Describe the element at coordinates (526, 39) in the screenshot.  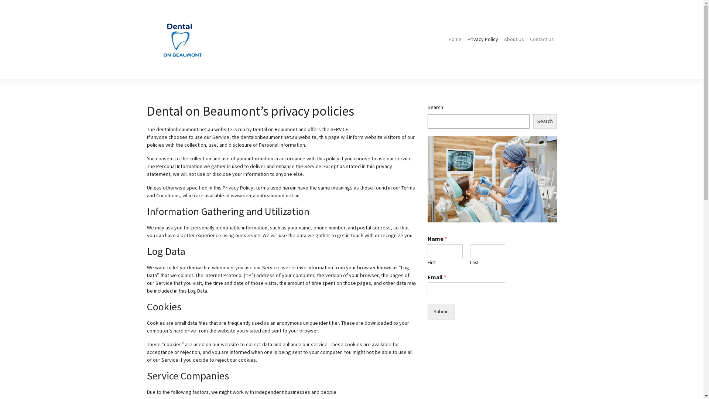
I see `'Contact Us'` at that location.